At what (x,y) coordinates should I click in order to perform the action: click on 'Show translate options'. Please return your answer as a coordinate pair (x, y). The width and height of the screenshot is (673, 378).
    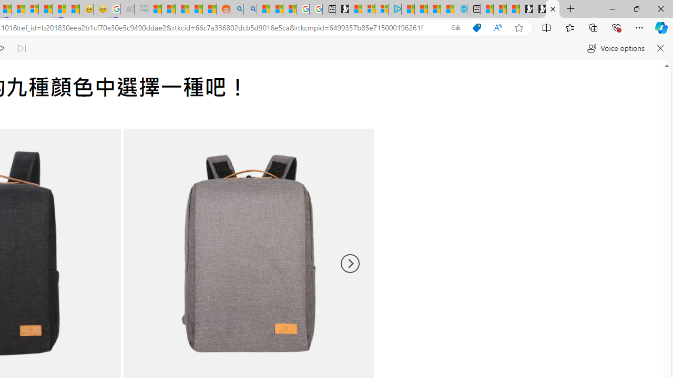
    Looking at the image, I should click on (456, 27).